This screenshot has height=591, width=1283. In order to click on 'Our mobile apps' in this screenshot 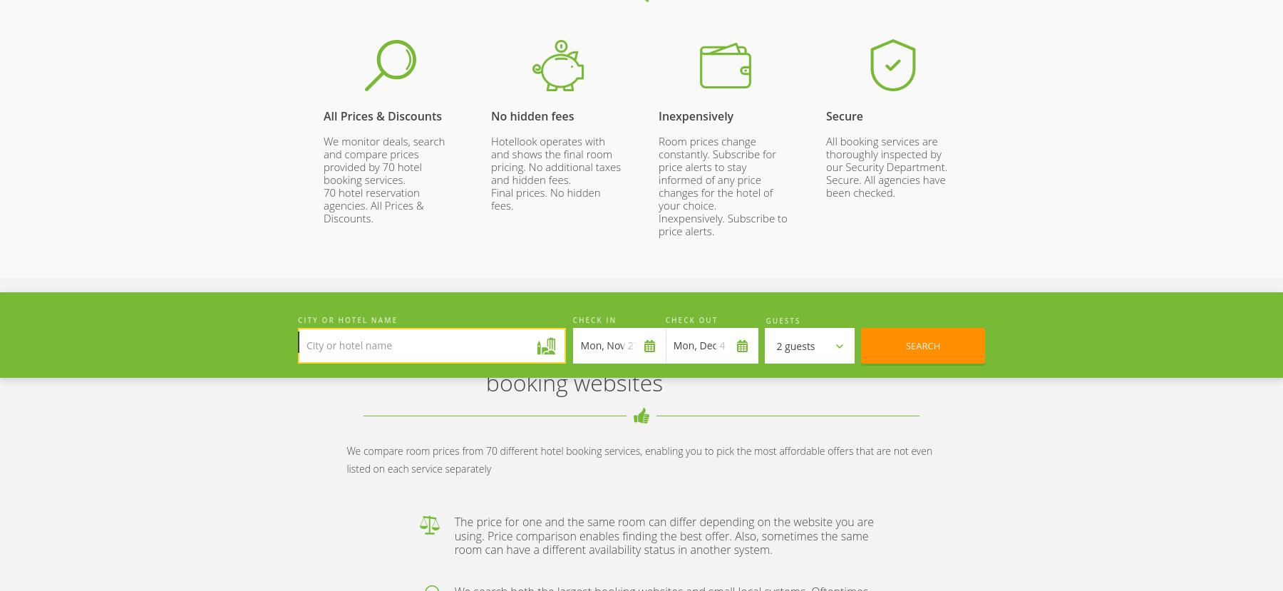, I will do `click(619, 193)`.